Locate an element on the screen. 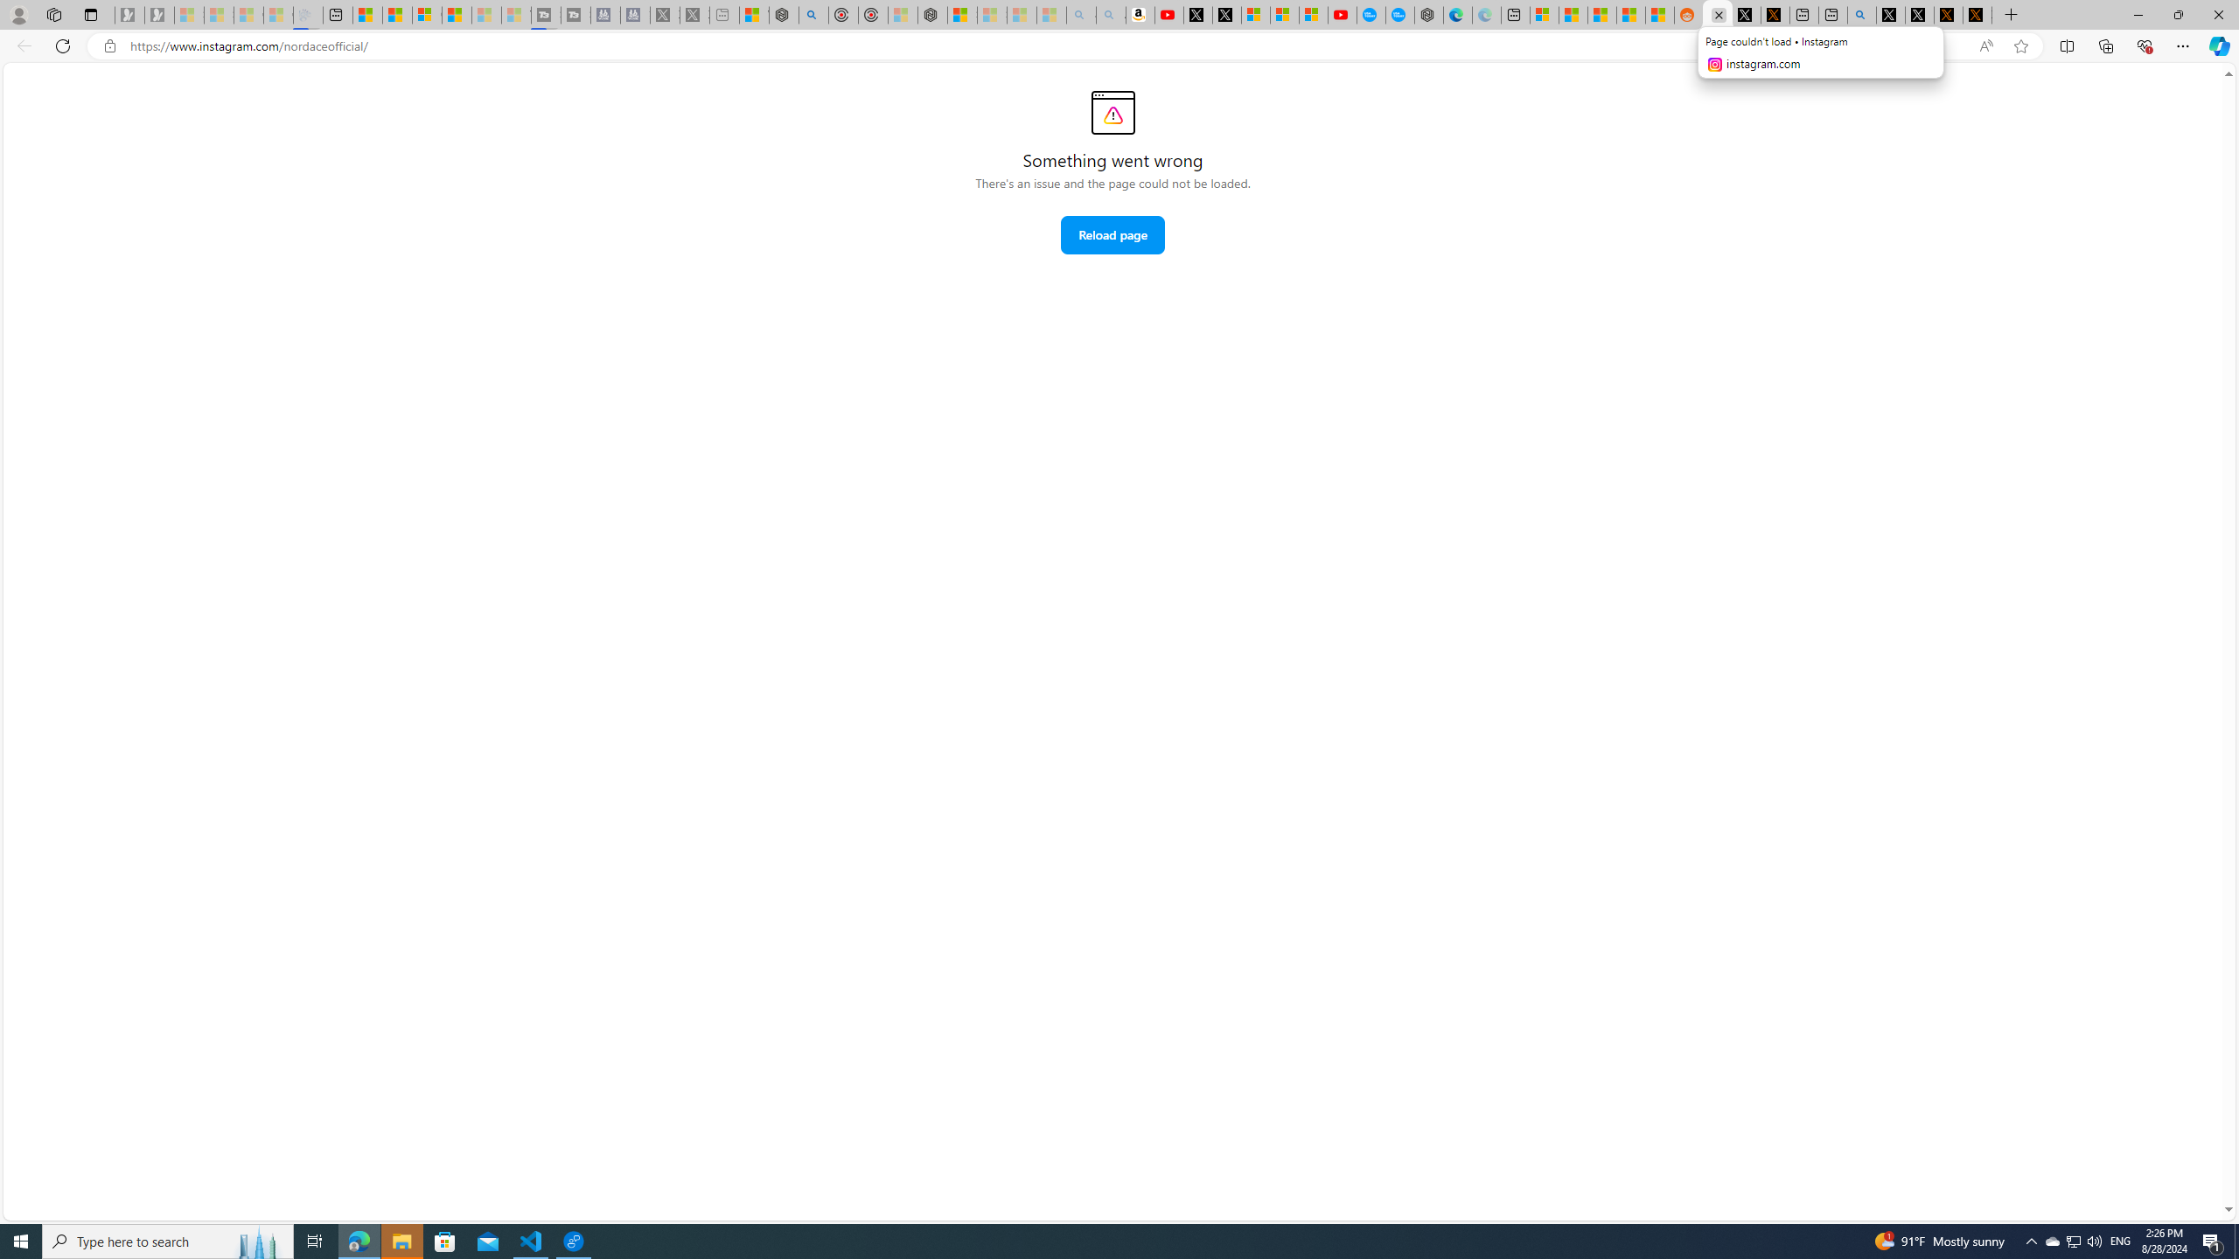  'Shanghai, China Weather trends | Microsoft Weather' is located at coordinates (1659, 14).